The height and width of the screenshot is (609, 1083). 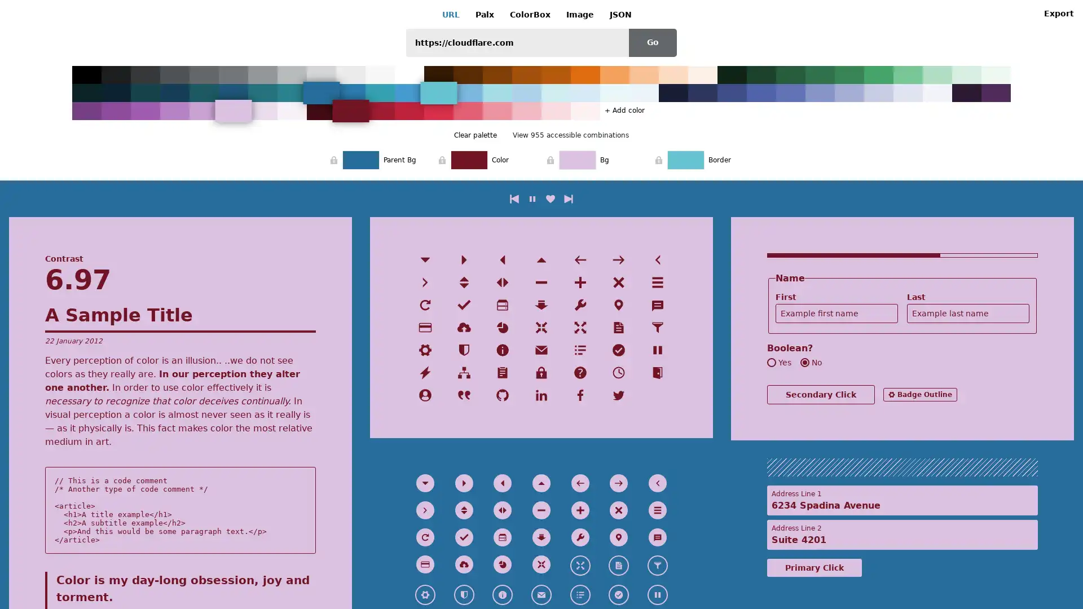 I want to click on Image, so click(x=580, y=15).